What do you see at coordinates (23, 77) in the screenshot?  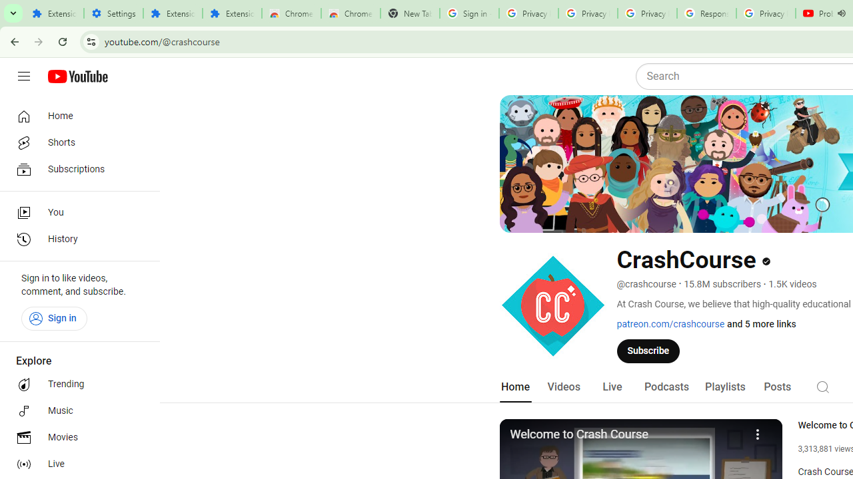 I see `'Guide'` at bounding box center [23, 77].